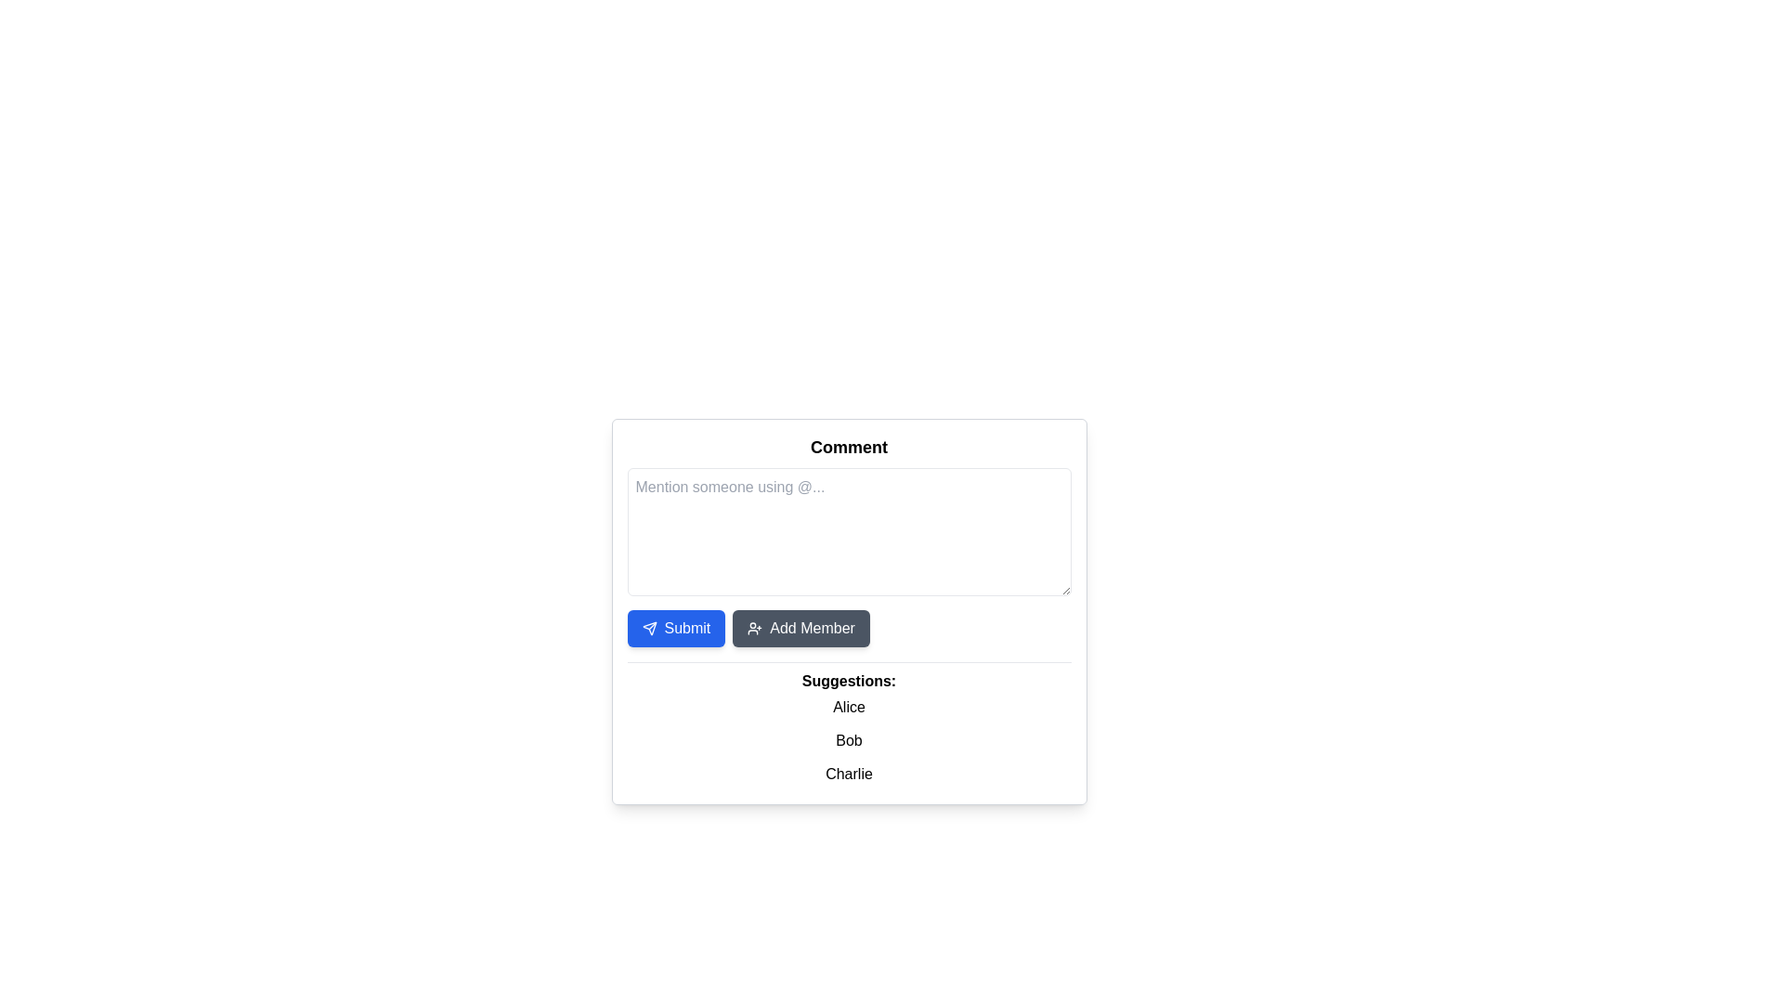 The width and height of the screenshot is (1783, 1003). What do you see at coordinates (848, 708) in the screenshot?
I see `the text label displaying the name 'Alice'` at bounding box center [848, 708].